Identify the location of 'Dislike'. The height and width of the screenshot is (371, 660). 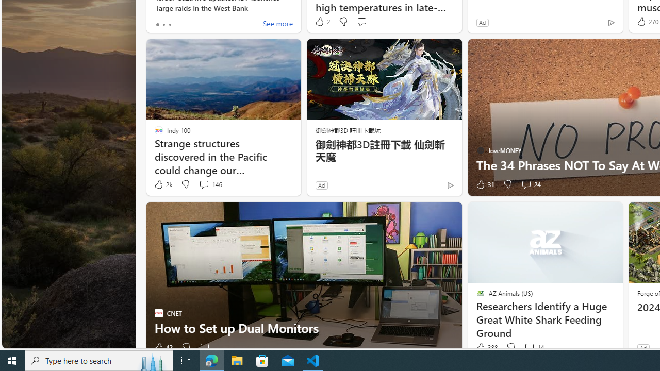
(510, 347).